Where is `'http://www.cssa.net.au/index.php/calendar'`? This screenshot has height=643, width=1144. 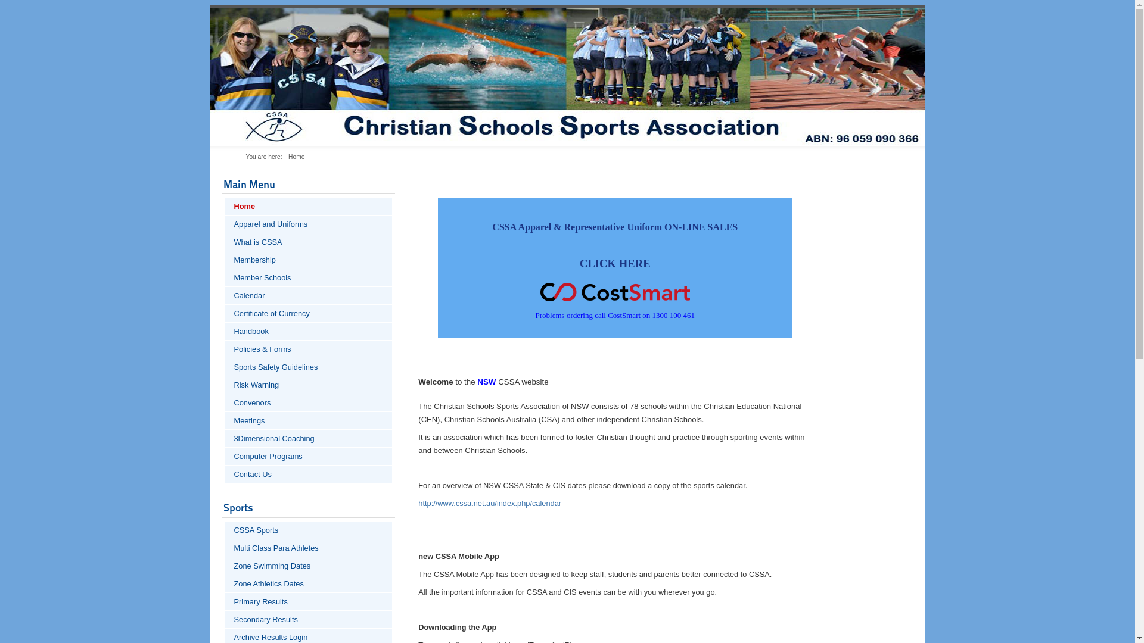 'http://www.cssa.net.au/index.php/calendar' is located at coordinates (418, 503).